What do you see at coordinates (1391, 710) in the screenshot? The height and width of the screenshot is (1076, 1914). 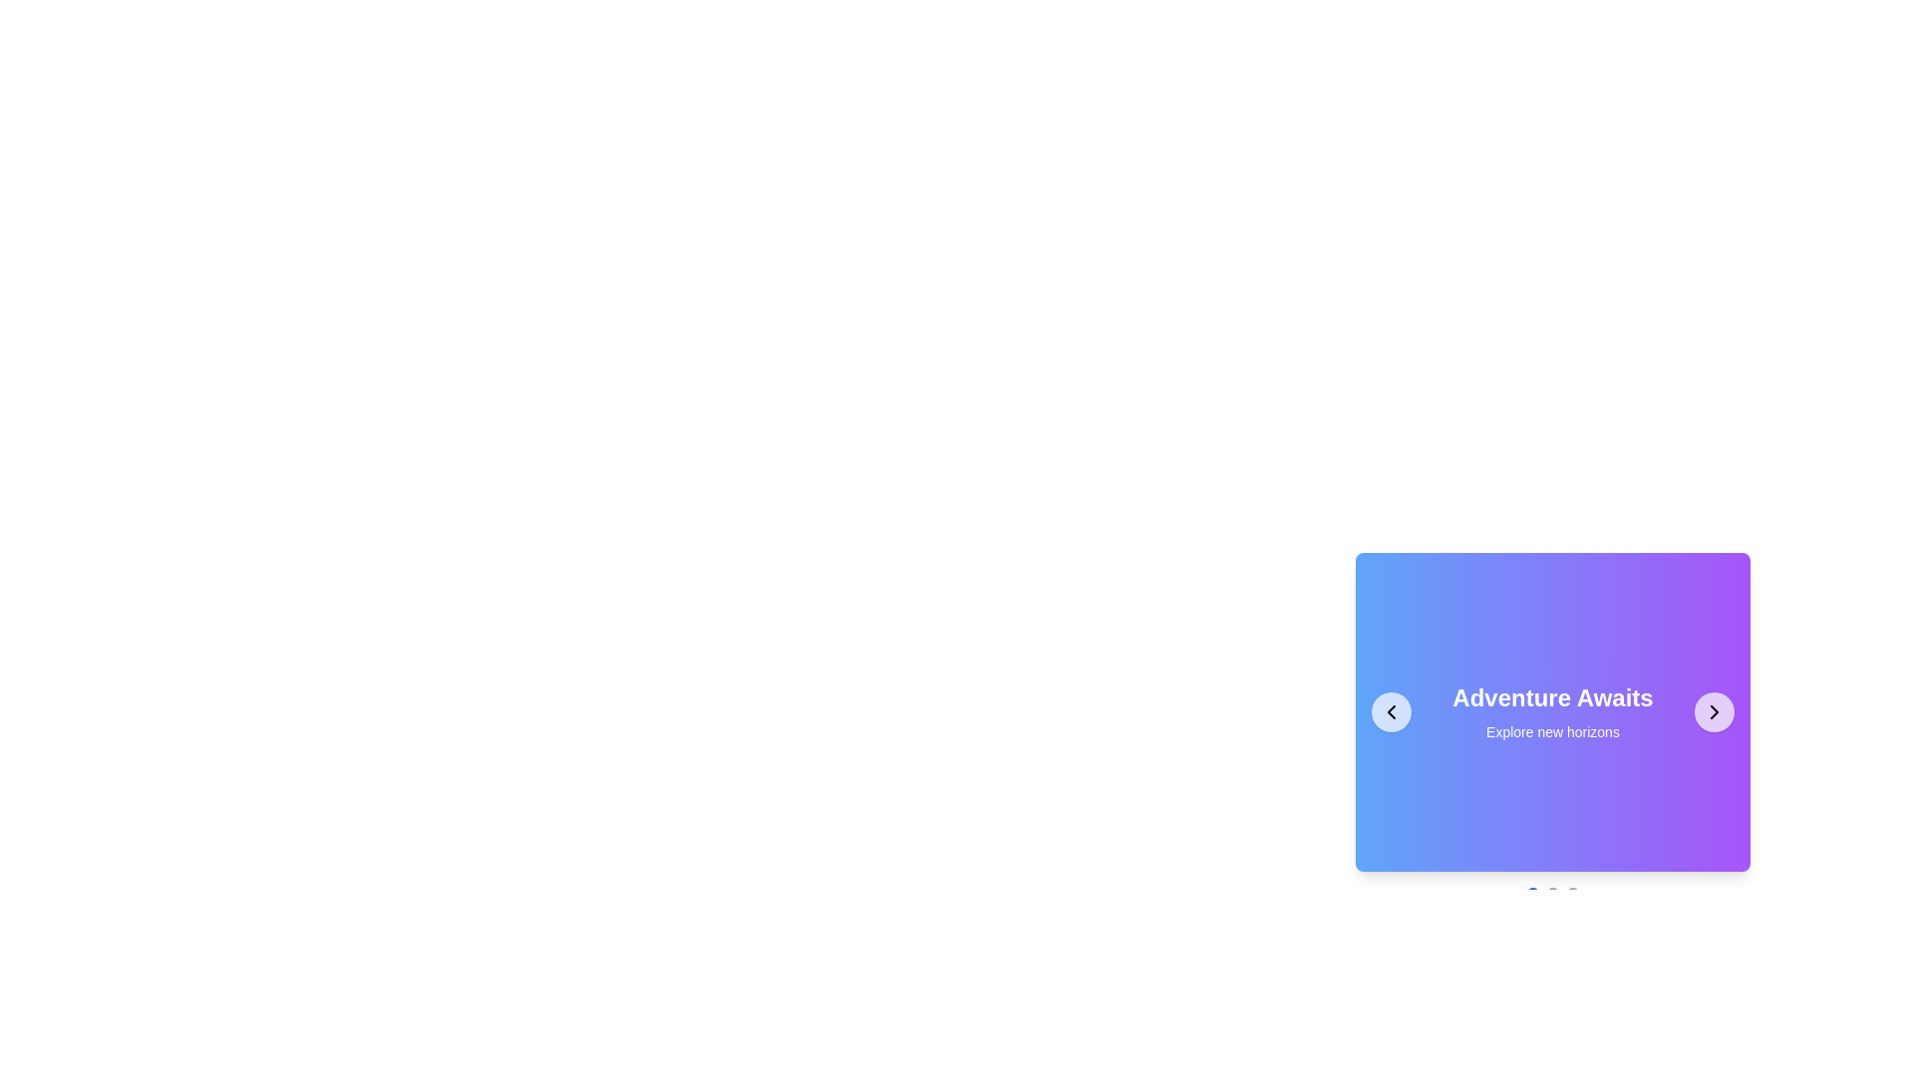 I see `the SVG icon within the circular button on the left edge of the card's midsection` at bounding box center [1391, 710].